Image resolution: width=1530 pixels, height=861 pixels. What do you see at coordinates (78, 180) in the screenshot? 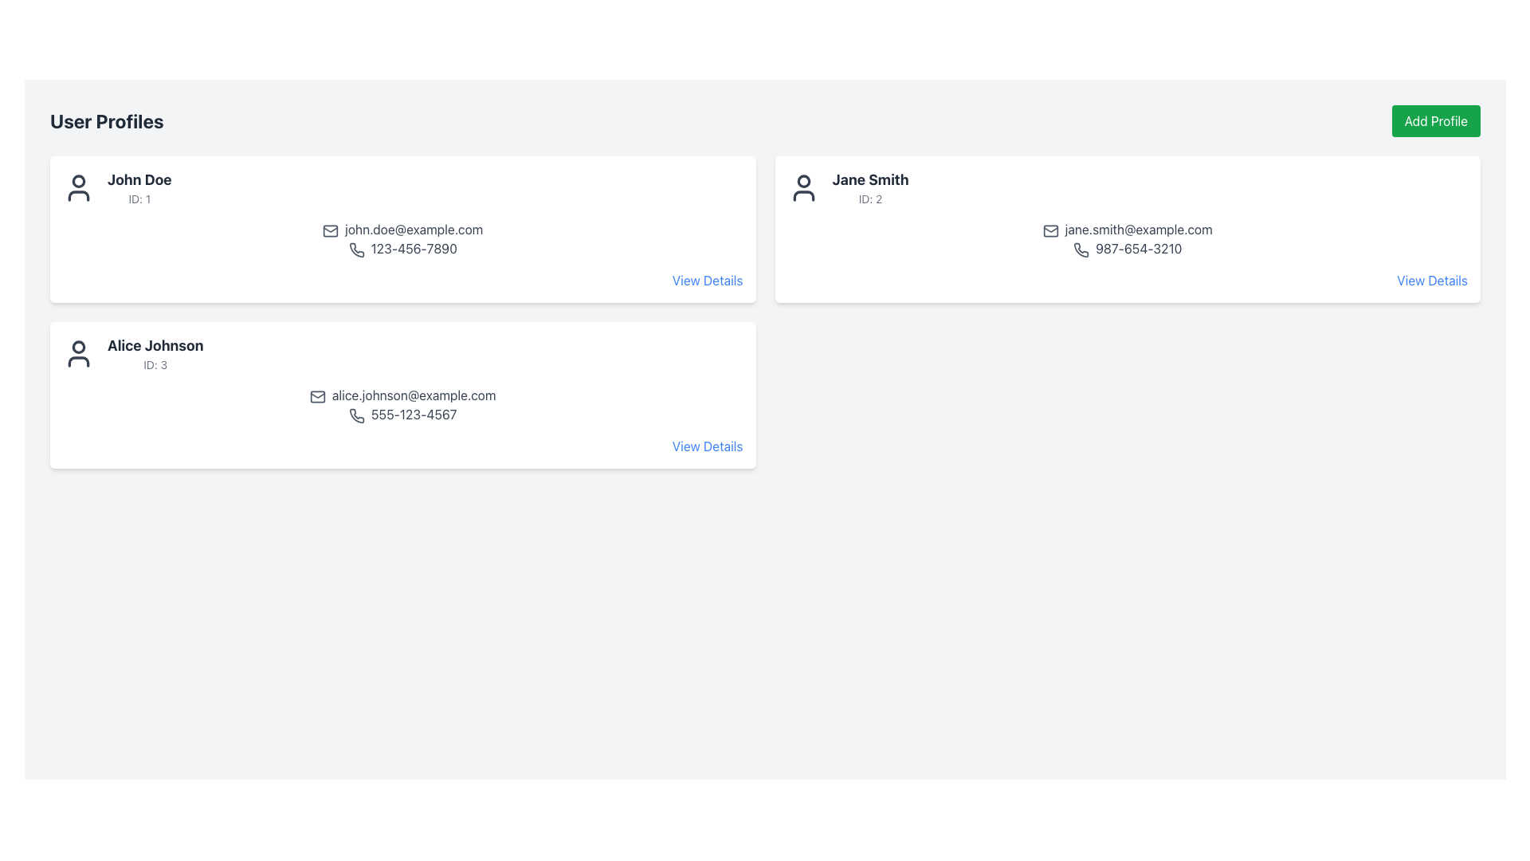
I see `the small circular shape within the user profile card for John Doe located at the top left of the interface` at bounding box center [78, 180].